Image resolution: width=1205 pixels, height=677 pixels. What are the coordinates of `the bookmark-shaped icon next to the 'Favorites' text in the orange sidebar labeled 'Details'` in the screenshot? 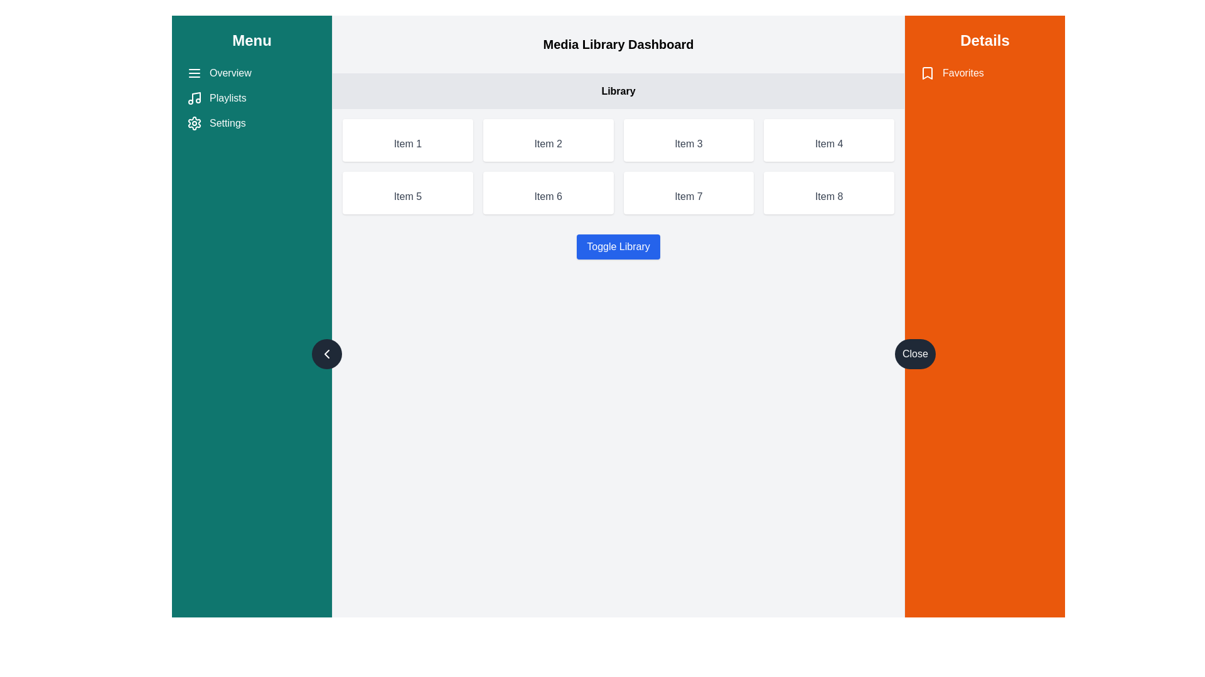 It's located at (928, 73).